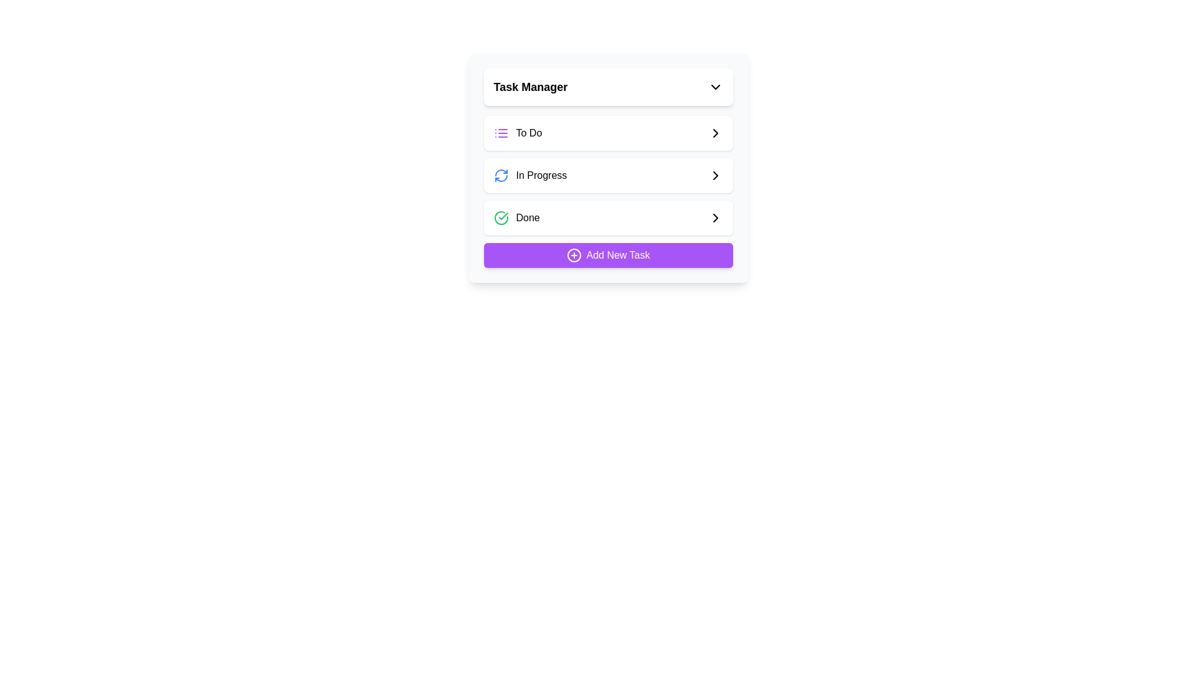  What do you see at coordinates (715, 86) in the screenshot?
I see `the chevron icon located at the far right of the 'Task Manager' header section` at bounding box center [715, 86].